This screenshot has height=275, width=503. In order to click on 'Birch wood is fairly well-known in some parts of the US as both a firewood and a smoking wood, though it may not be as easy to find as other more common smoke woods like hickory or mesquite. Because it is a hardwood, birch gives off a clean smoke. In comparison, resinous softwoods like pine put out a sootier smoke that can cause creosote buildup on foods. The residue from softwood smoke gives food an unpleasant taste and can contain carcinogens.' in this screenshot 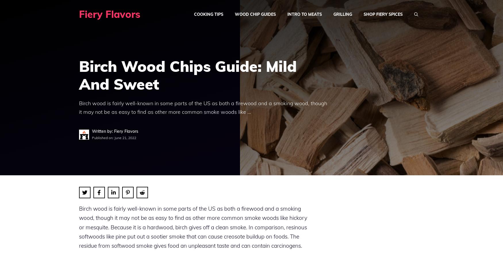, I will do `click(193, 227)`.